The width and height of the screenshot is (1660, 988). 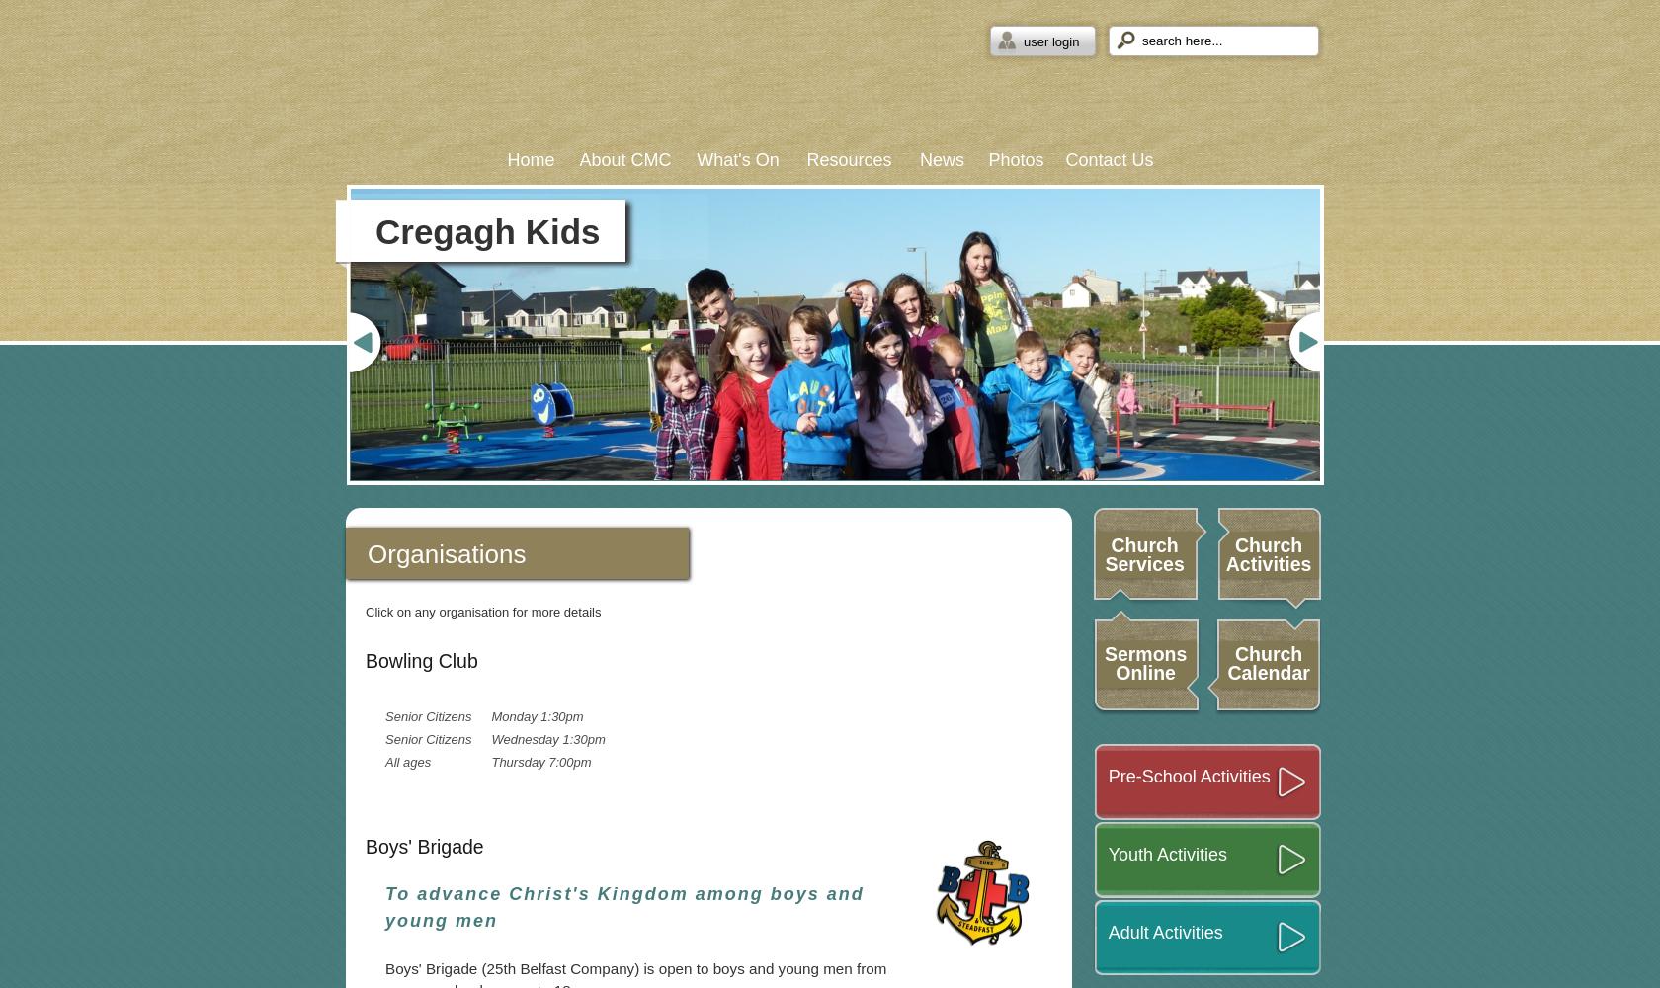 What do you see at coordinates (1167, 854) in the screenshot?
I see `'Youth Activities'` at bounding box center [1167, 854].